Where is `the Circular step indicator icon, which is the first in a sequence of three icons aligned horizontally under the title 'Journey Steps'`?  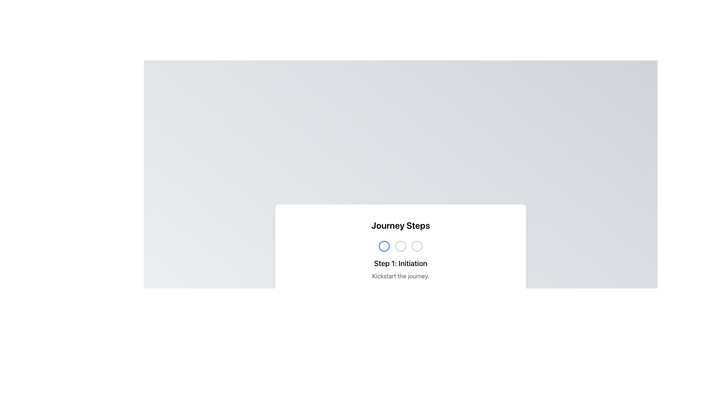
the Circular step indicator icon, which is the first in a sequence of three icons aligned horizontally under the title 'Journey Steps' is located at coordinates (384, 246).